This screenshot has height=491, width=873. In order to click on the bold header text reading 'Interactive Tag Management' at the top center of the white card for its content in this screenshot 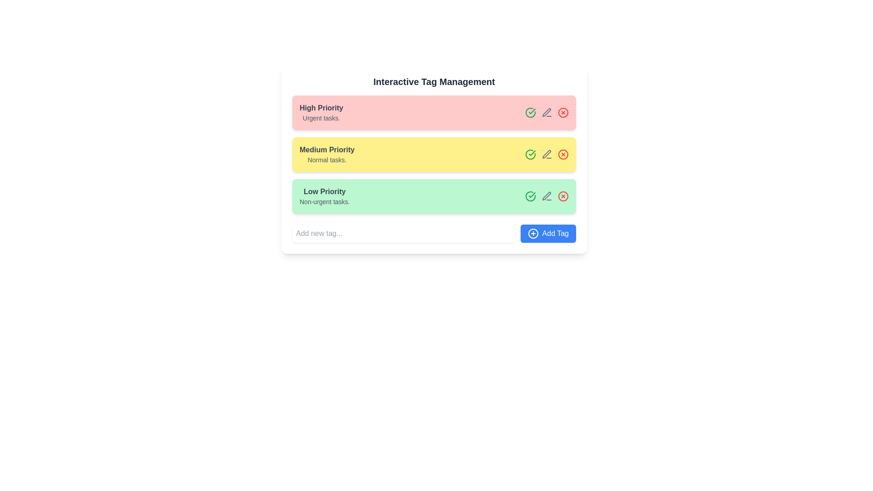, I will do `click(434, 82)`.